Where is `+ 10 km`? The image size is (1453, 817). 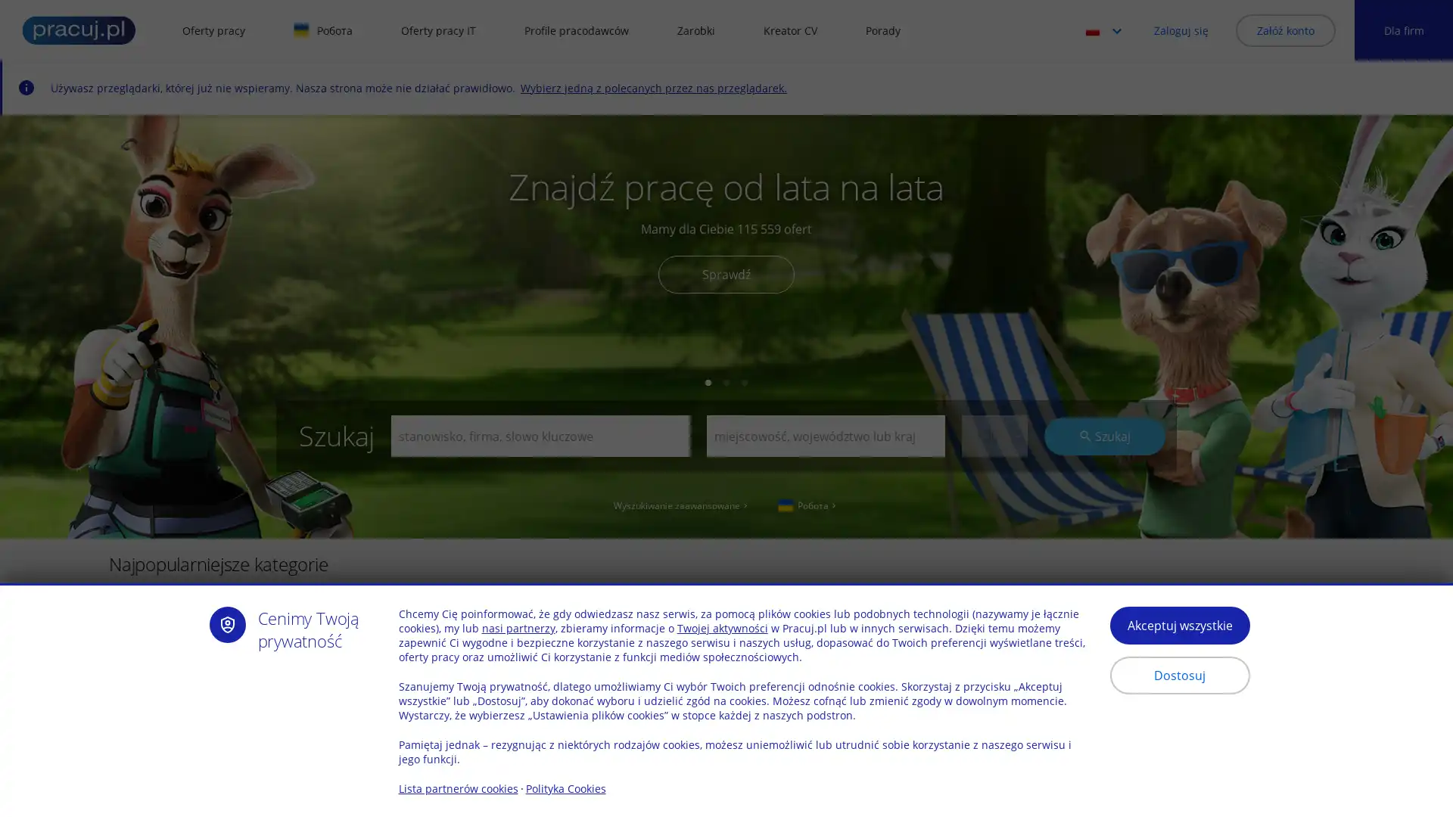
+ 10 km is located at coordinates (994, 512).